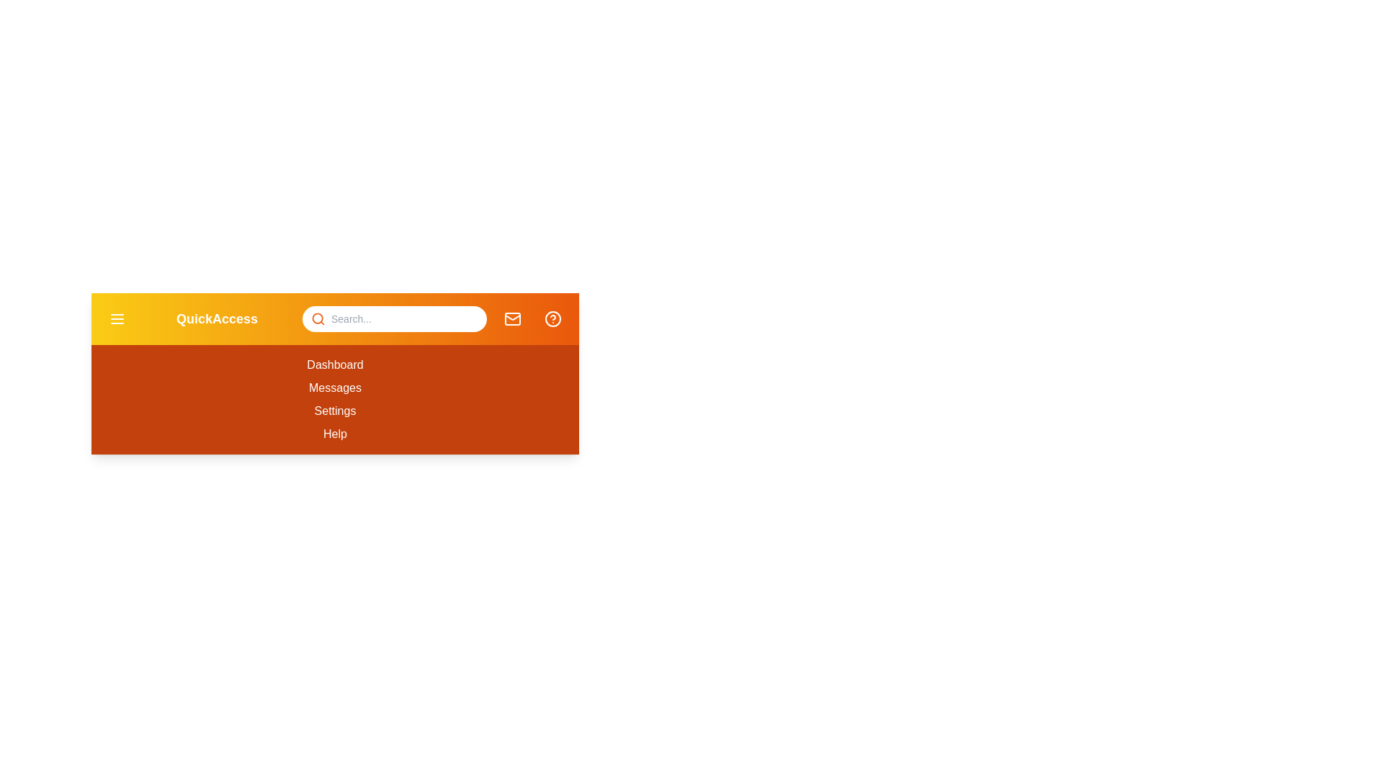 The width and height of the screenshot is (1383, 778). Describe the element at coordinates (512, 318) in the screenshot. I see `the messaging button located on the right side of the top navigation area, positioned between the white search bar and a question mark icon` at that location.